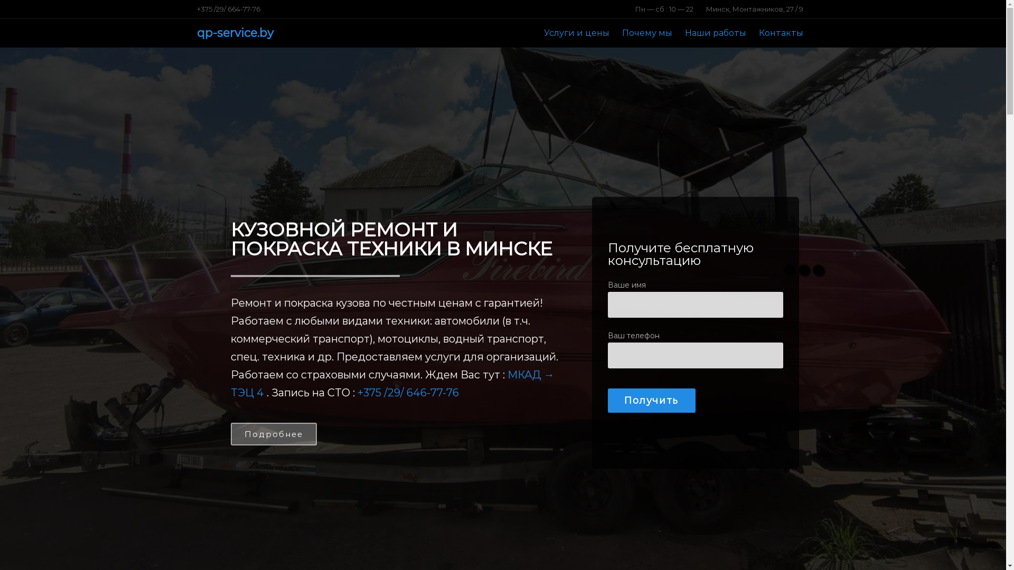 Image resolution: width=1014 pixels, height=570 pixels. Describe the element at coordinates (407, 393) in the screenshot. I see `'+375 /29/ 646-77-76'` at that location.